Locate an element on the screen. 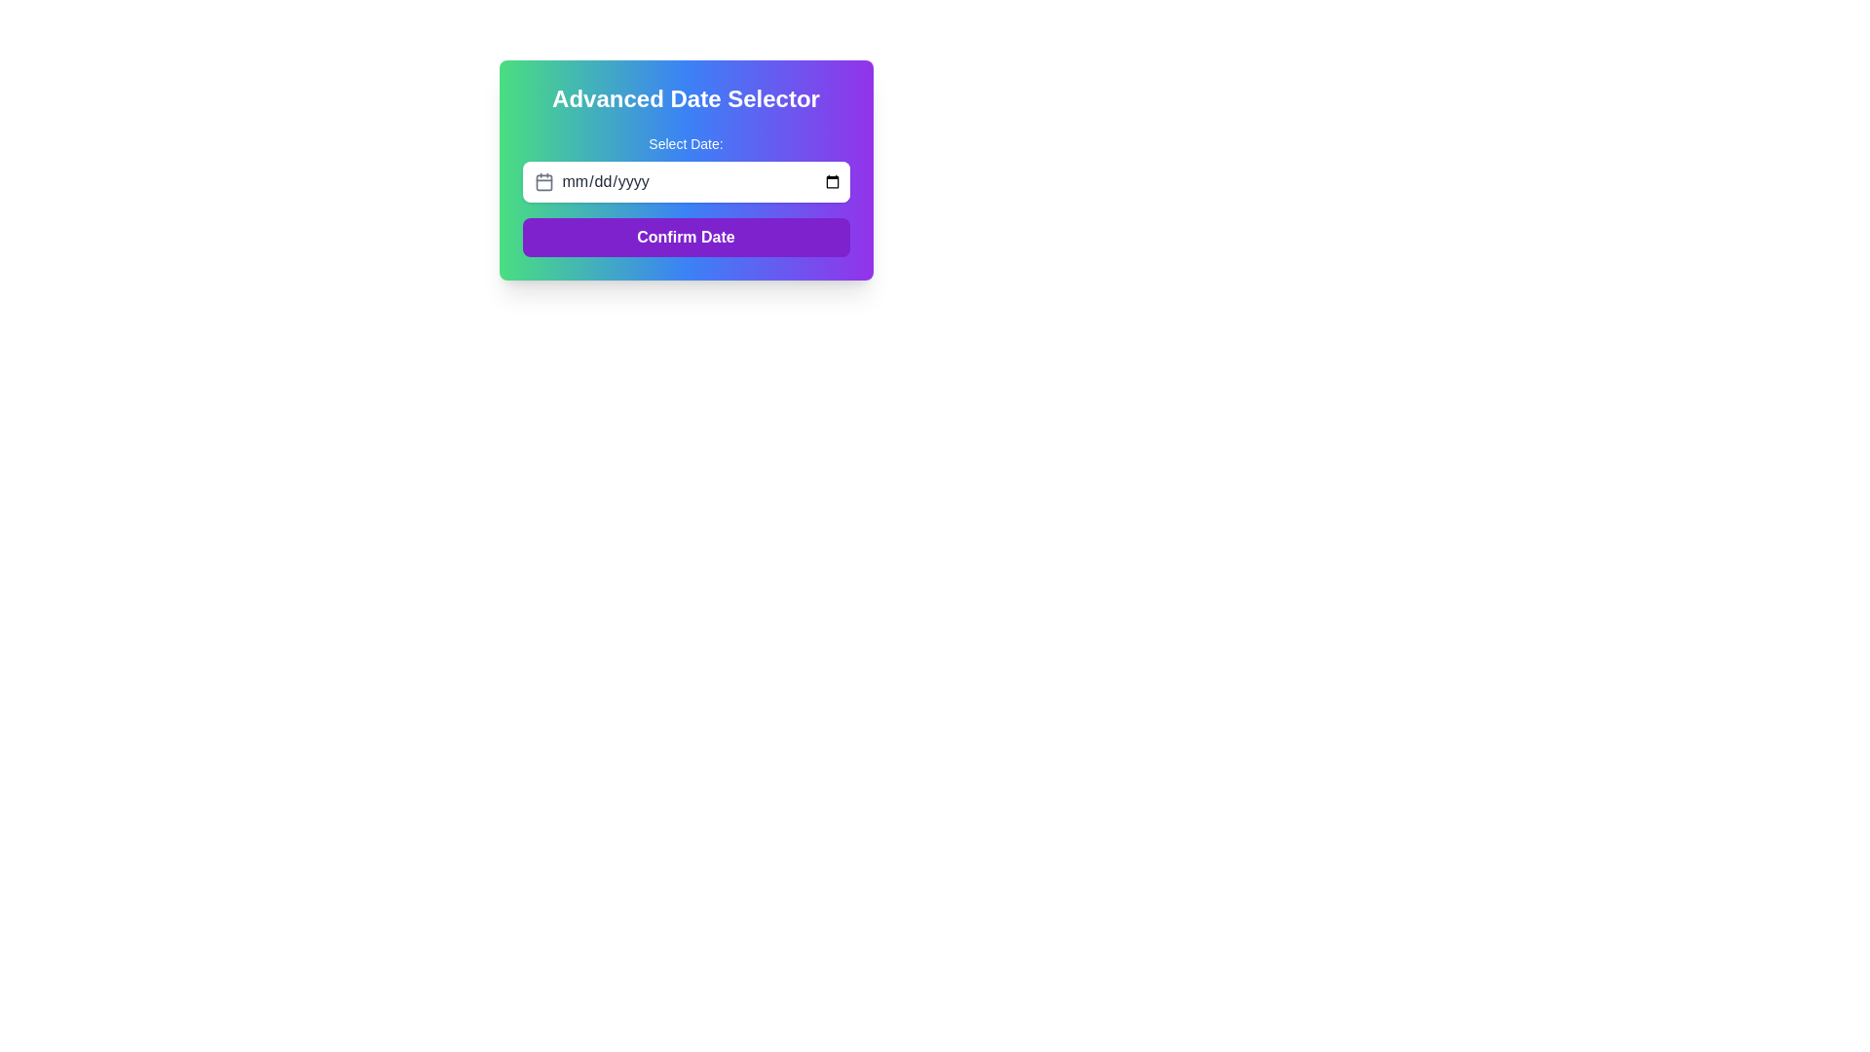 This screenshot has width=1870, height=1052. the calendar icon located on the left side of the date input field is located at coordinates (543, 181).